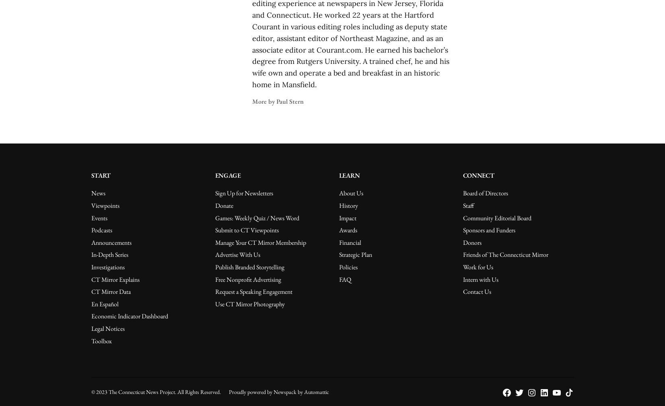 This screenshot has height=406, width=665. What do you see at coordinates (104, 303) in the screenshot?
I see `'En Español'` at bounding box center [104, 303].